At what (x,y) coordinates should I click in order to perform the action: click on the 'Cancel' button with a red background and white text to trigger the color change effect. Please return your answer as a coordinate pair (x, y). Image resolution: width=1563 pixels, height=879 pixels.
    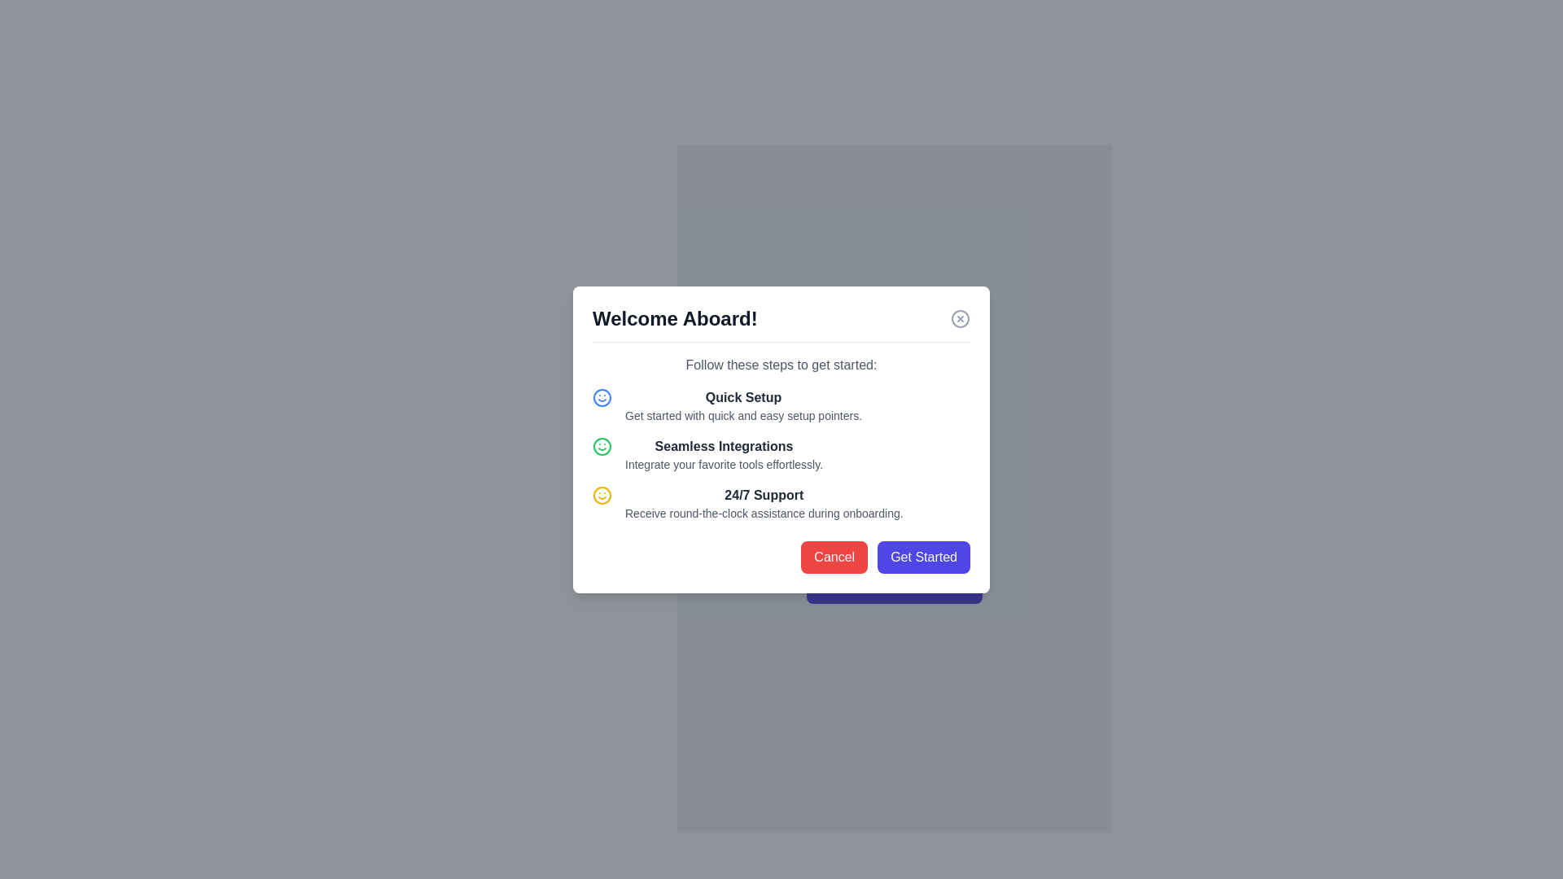
    Looking at the image, I should click on (834, 556).